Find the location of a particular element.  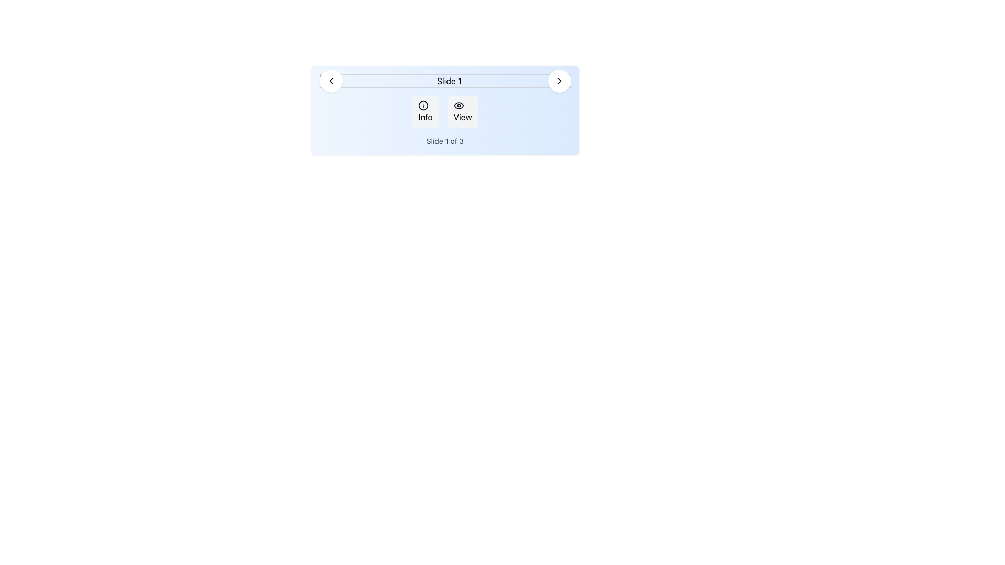

the 'Info' button in the button group component located below the title 'Slide 1' is located at coordinates (445, 111).